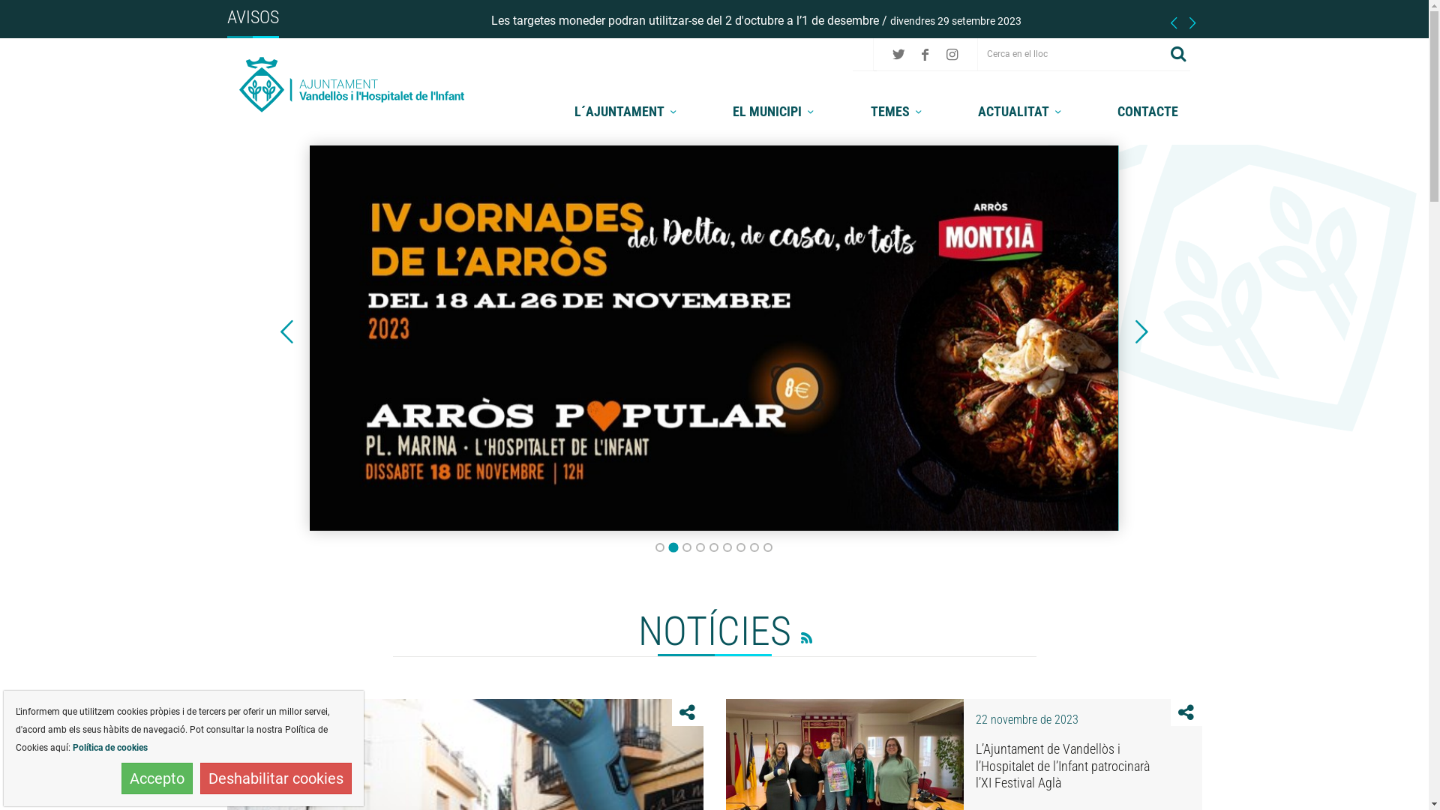 The height and width of the screenshot is (810, 1440). I want to click on 'CONTACTE', so click(1147, 110).